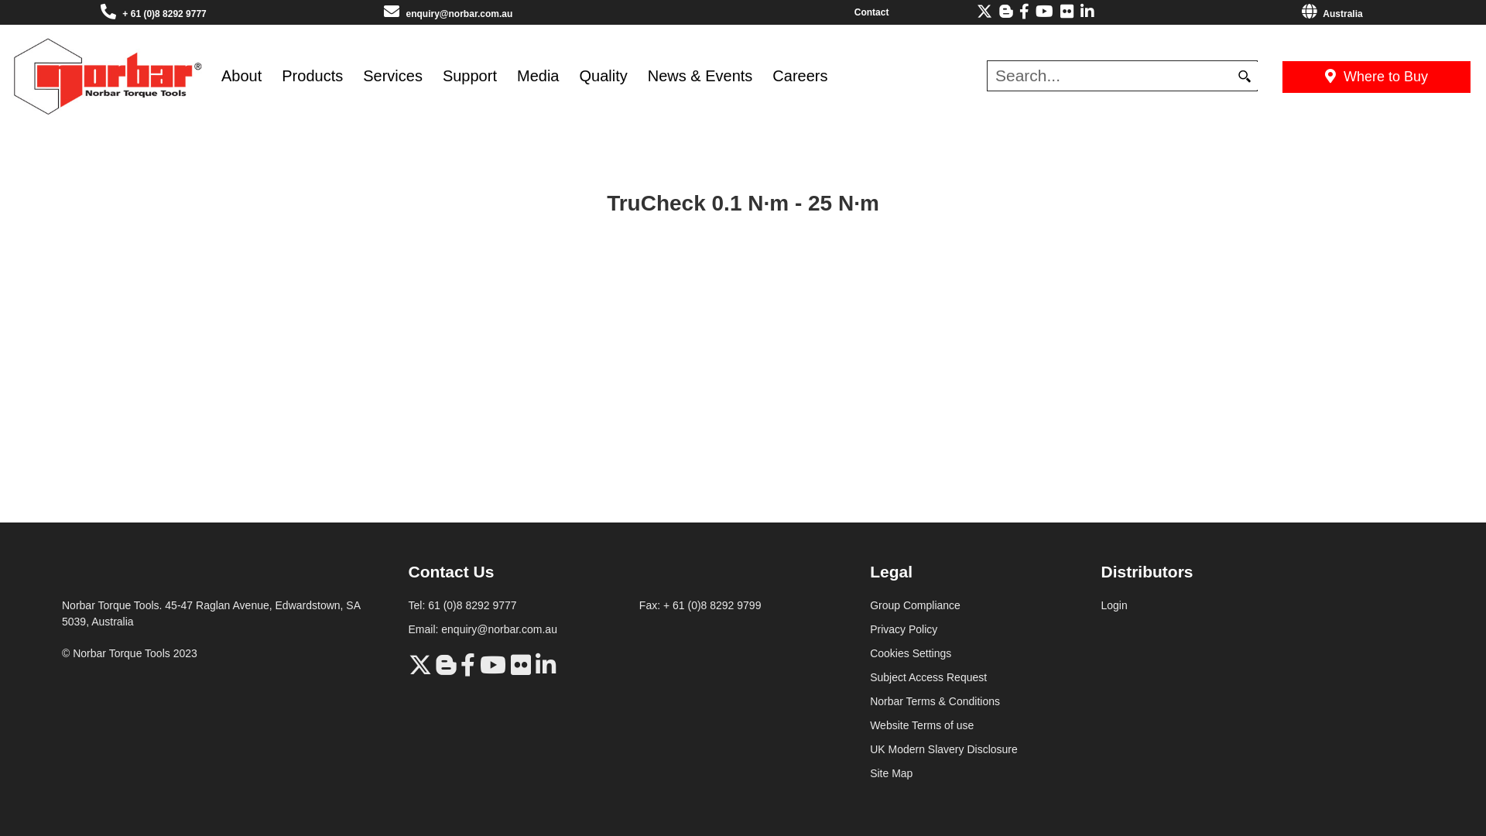 This screenshot has height=836, width=1486. Describe the element at coordinates (871, 12) in the screenshot. I see `'Contact'` at that location.